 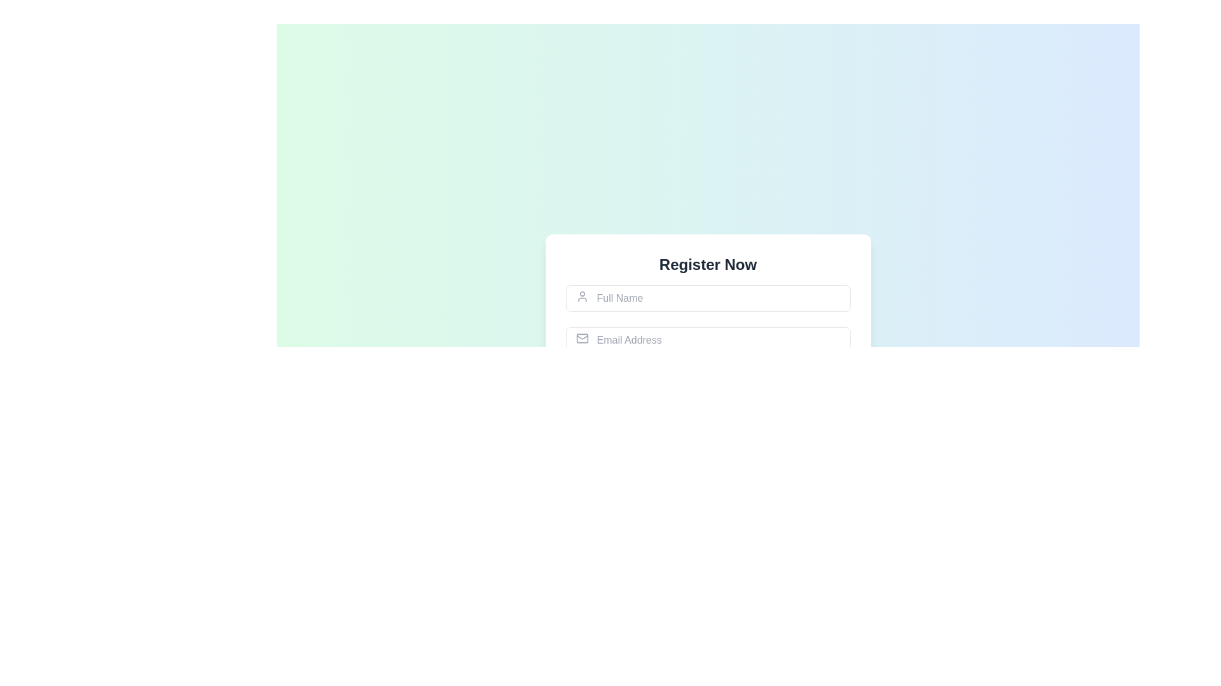 I want to click on the user silhouette icon, which is gray and stylized, located within the 'Register Now' panel to the left of the 'Full Name' input field, so click(x=581, y=296).